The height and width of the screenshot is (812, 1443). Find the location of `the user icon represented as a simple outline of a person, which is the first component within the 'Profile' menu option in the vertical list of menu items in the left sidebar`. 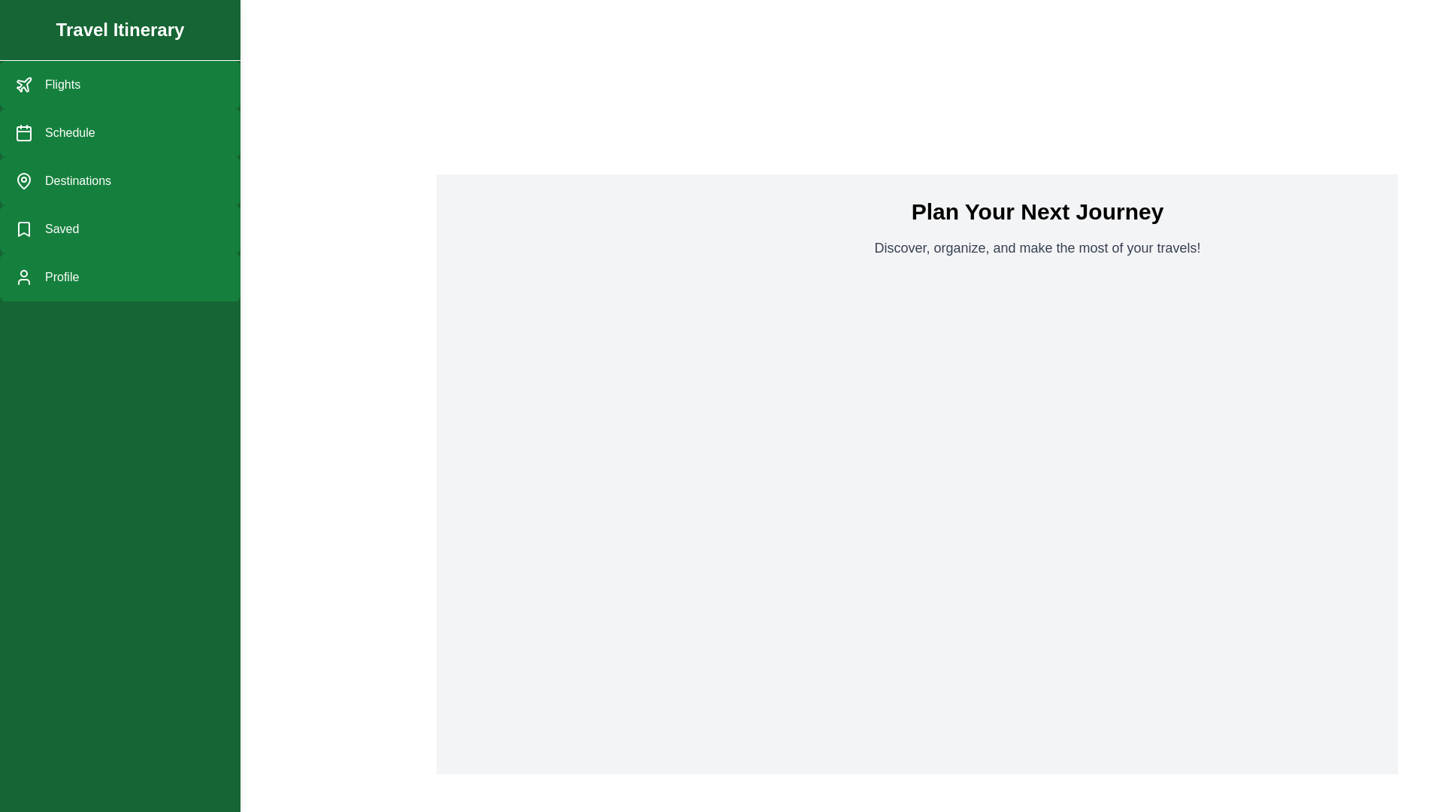

the user icon represented as a simple outline of a person, which is the first component within the 'Profile' menu option in the vertical list of menu items in the left sidebar is located at coordinates (24, 277).